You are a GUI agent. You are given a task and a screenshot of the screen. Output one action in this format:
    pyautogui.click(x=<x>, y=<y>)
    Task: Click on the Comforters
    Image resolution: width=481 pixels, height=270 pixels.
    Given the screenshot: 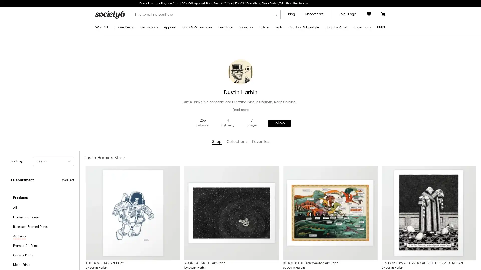 What is the action you would take?
    pyautogui.click(x=160, y=40)
    